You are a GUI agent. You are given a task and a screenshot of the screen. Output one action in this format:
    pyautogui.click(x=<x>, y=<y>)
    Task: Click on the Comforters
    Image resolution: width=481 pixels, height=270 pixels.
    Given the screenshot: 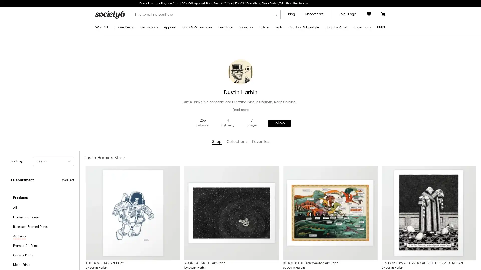 What is the action you would take?
    pyautogui.click(x=160, y=40)
    